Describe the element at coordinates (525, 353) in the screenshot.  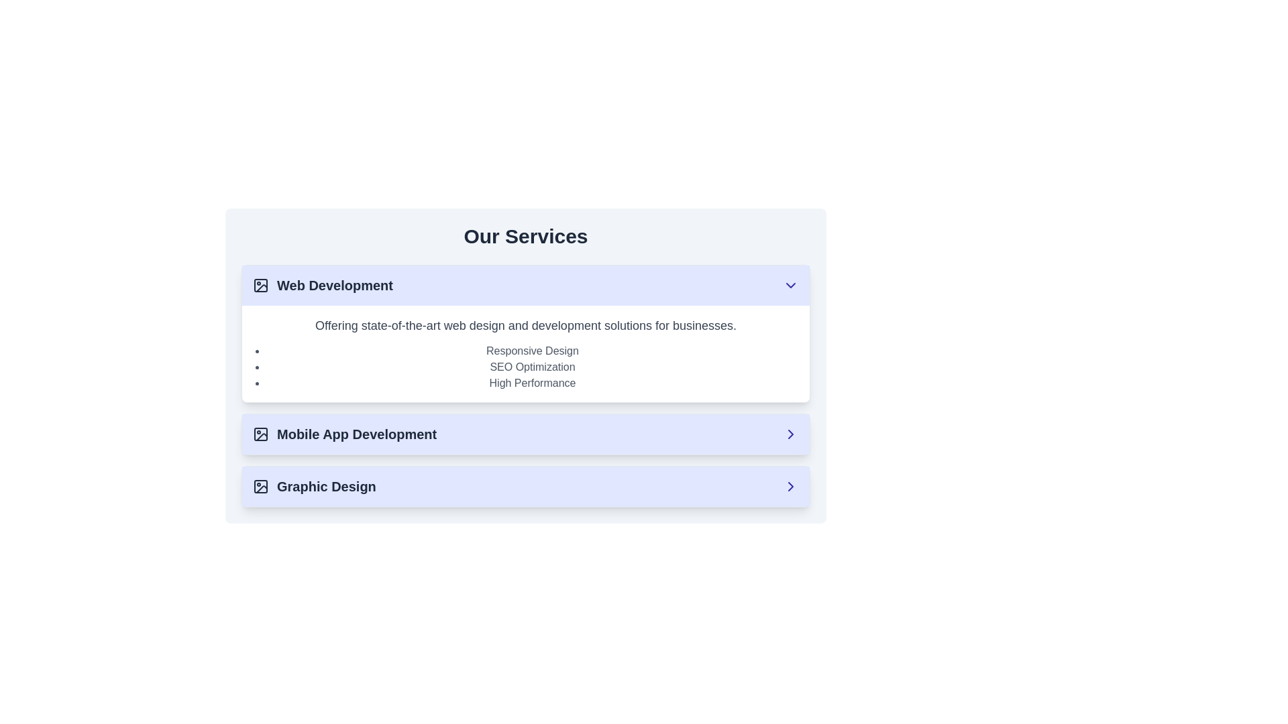
I see `descriptive text block located beneath the 'Web Development' section, which provides an overview and highlights key features in a structured format` at that location.